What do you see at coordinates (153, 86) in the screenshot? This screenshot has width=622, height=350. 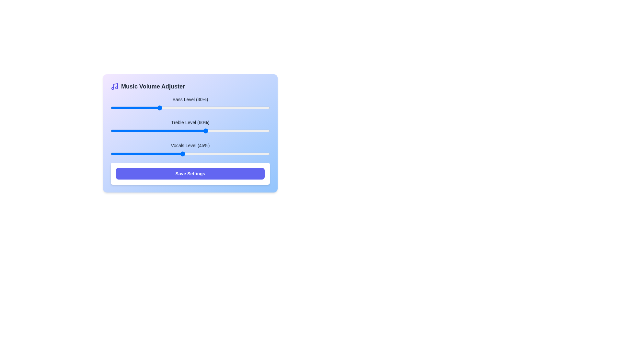 I see `the 'Music Volume Adjuster' text element, which is styled in bold dark gray and positioned at the top of the interface, if it is interactive` at bounding box center [153, 86].